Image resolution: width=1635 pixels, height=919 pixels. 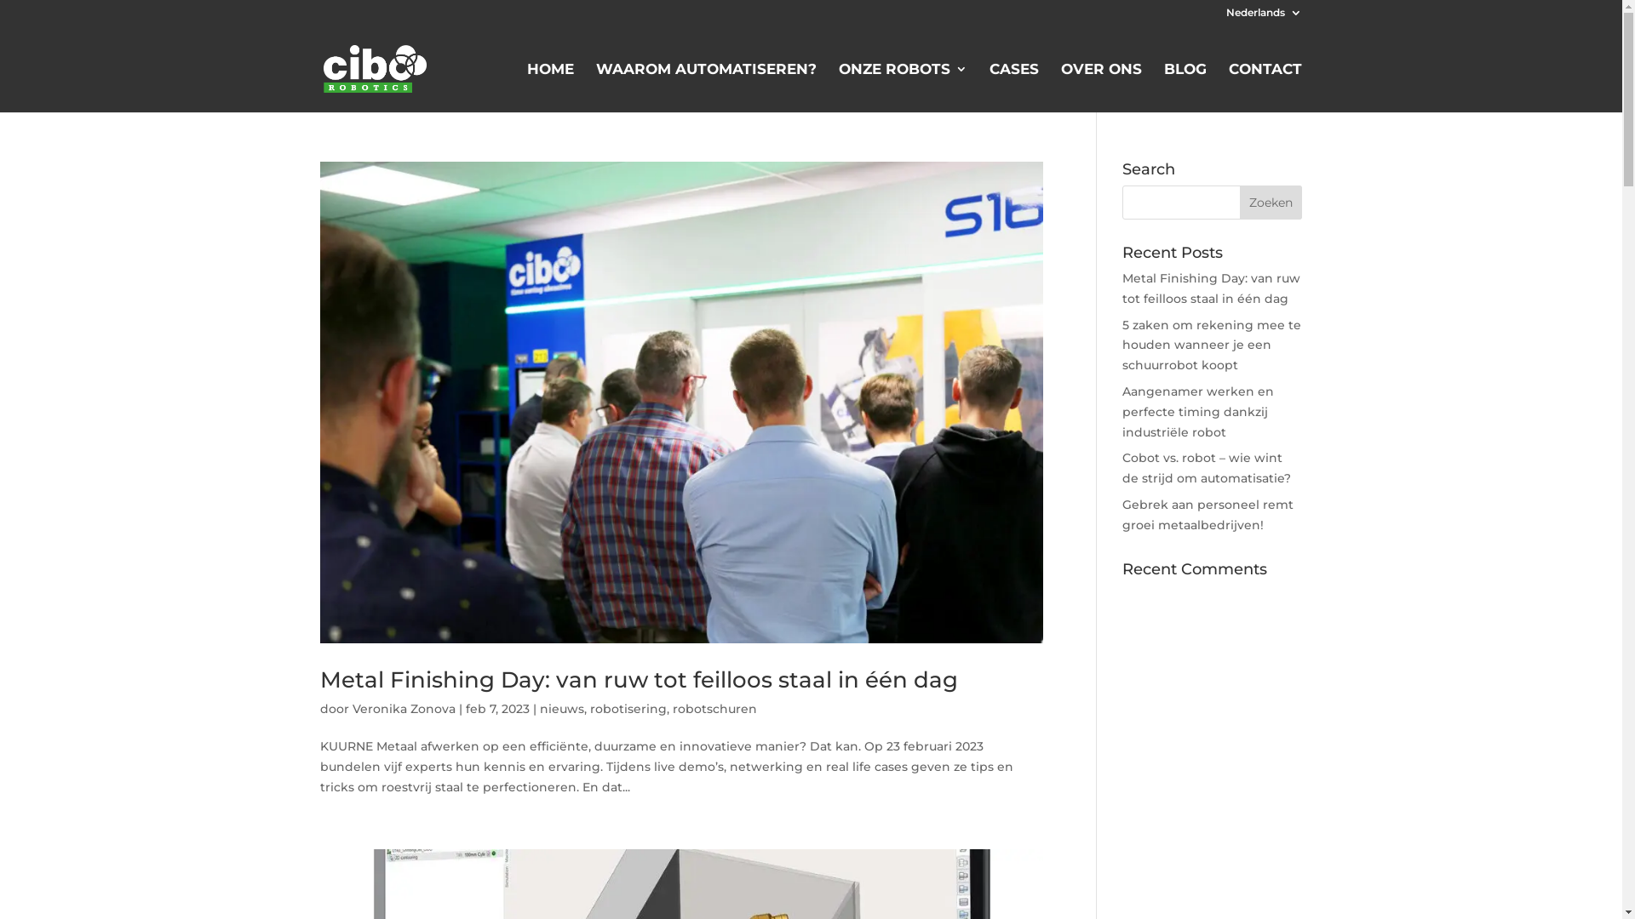 What do you see at coordinates (351, 709) in the screenshot?
I see `'Veronika Zonova'` at bounding box center [351, 709].